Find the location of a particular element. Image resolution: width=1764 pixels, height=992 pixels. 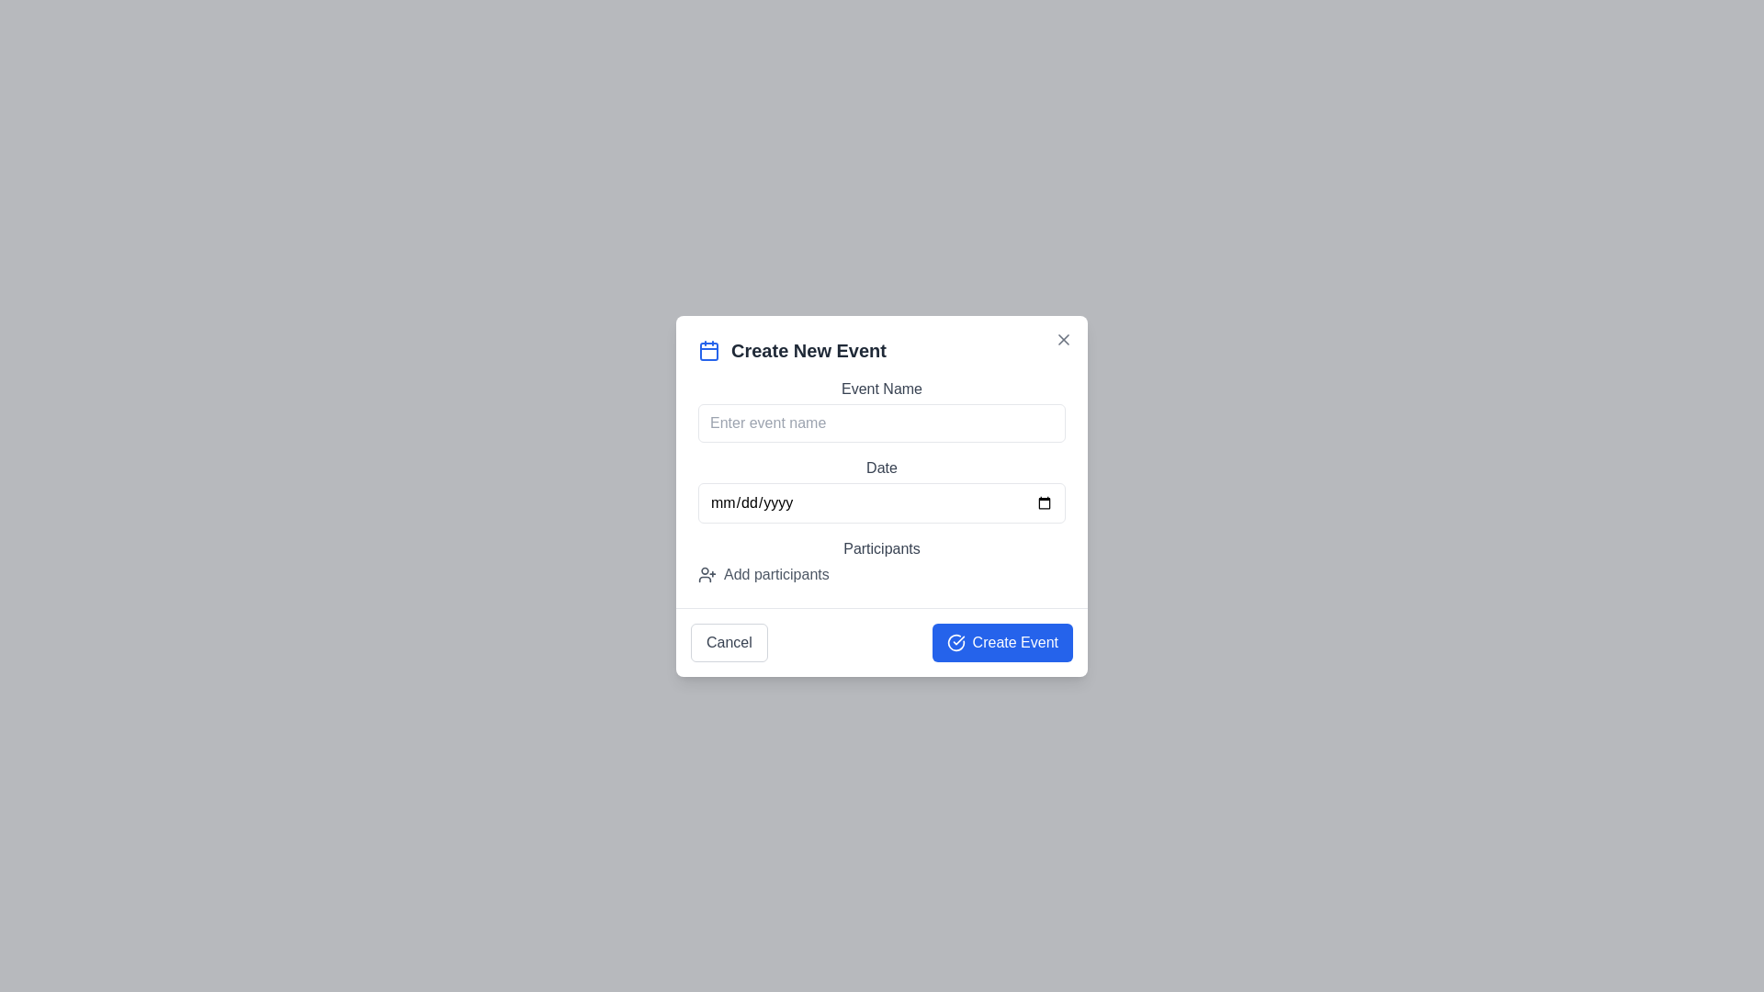

the Header text indicating the purpose of creating a new event, located at the upper part of the centered modal dialog, to the right of the calendar icon is located at coordinates (808, 350).